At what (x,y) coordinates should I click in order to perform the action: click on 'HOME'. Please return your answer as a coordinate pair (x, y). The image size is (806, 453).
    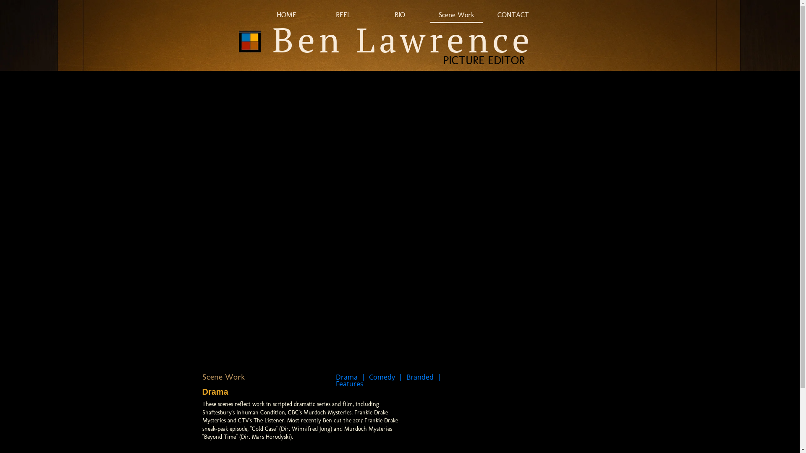
    Looking at the image, I should click on (286, 16).